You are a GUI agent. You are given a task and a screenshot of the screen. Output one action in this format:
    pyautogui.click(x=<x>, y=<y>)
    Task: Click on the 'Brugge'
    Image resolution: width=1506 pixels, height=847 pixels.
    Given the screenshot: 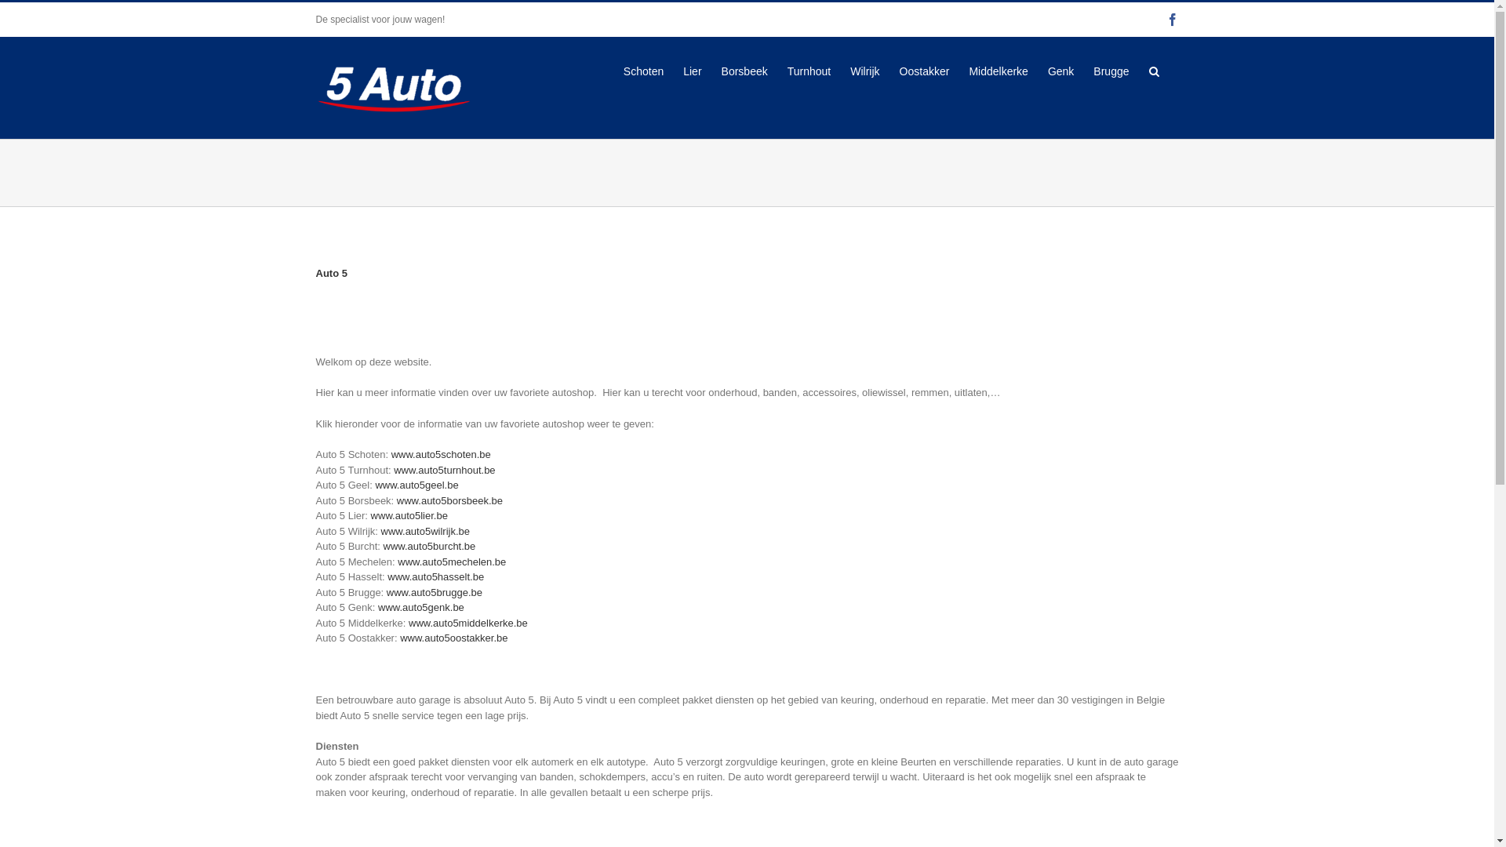 What is the action you would take?
    pyautogui.click(x=1092, y=69)
    